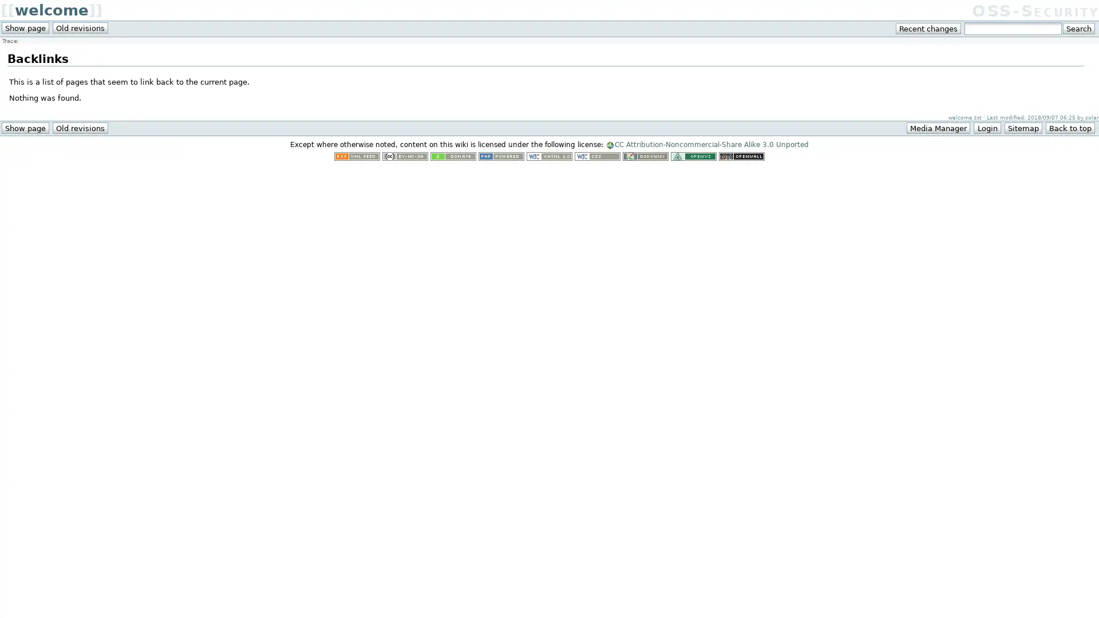  I want to click on Show page, so click(25, 27).